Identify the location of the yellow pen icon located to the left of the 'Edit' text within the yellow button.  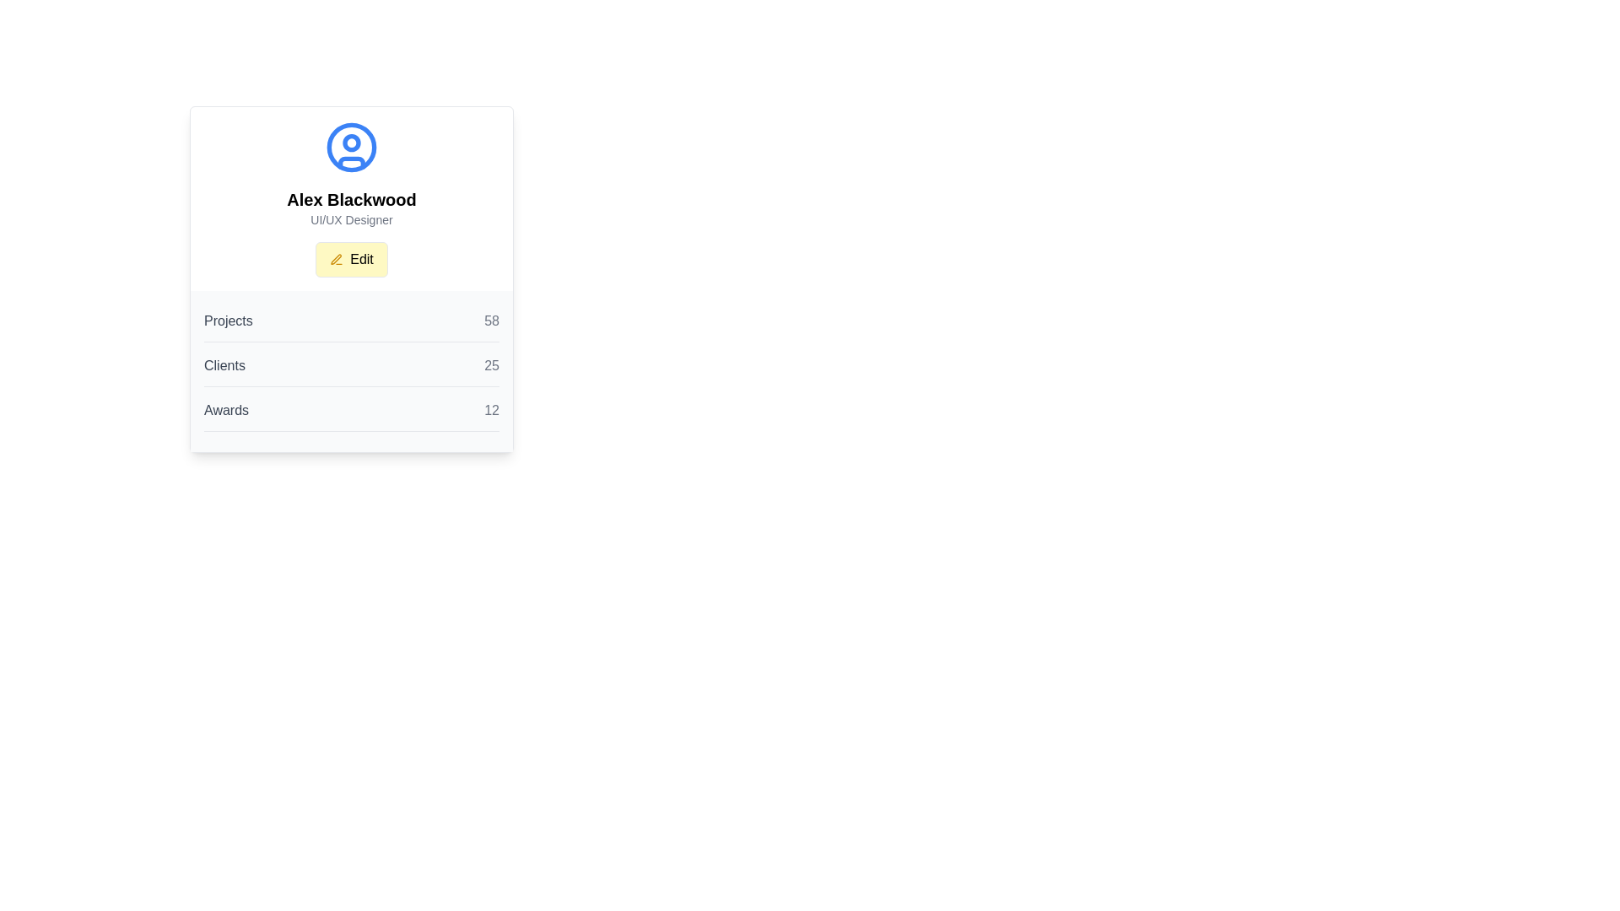
(337, 260).